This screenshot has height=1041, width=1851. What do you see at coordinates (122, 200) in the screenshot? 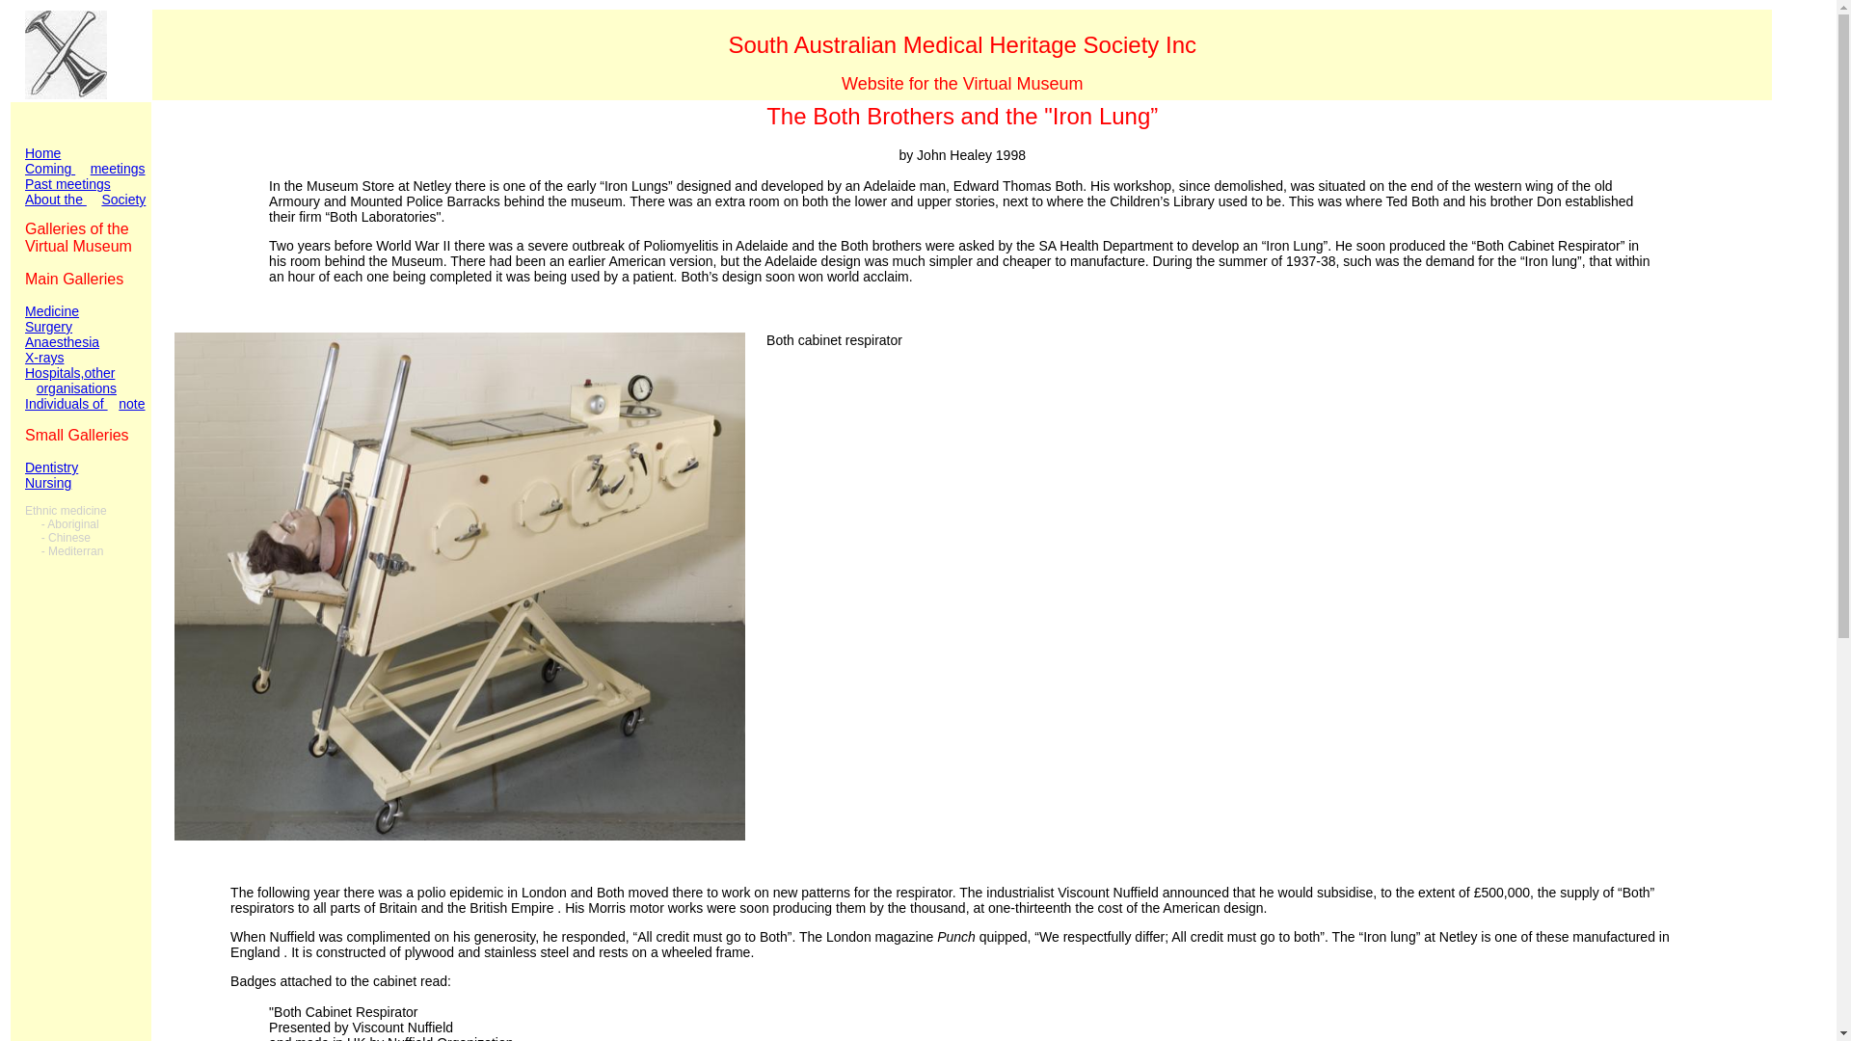
I see `'Society'` at bounding box center [122, 200].